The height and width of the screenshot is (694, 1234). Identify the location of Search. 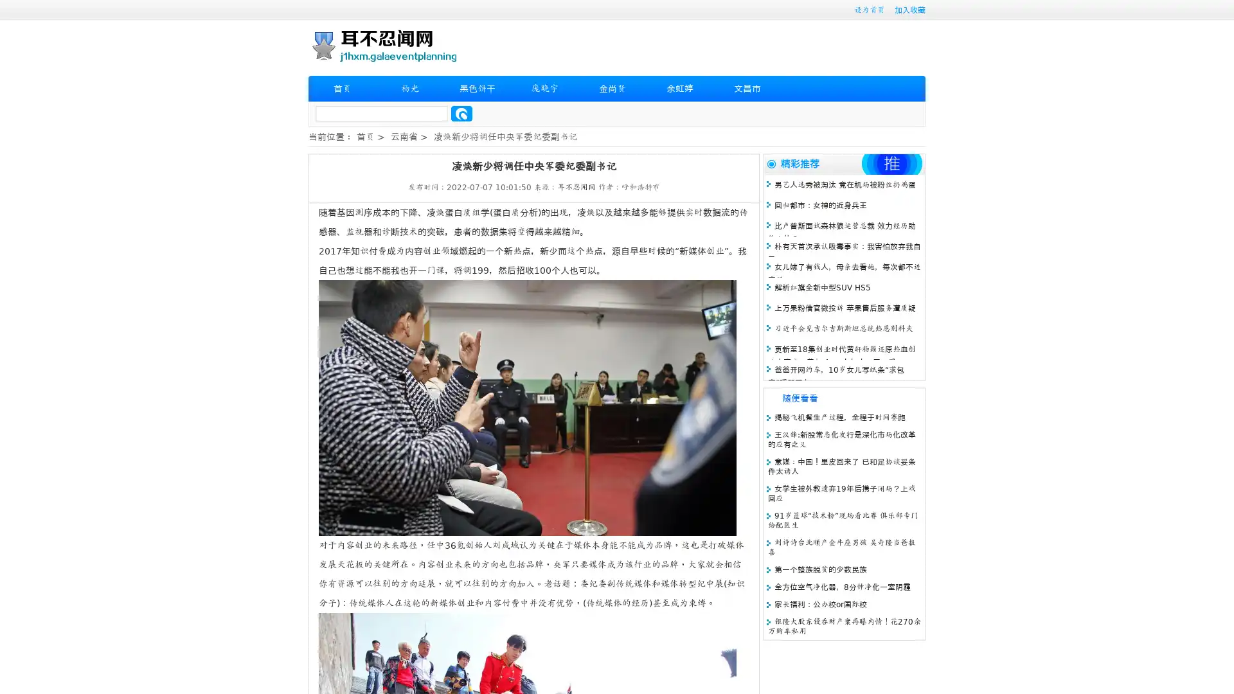
(461, 113).